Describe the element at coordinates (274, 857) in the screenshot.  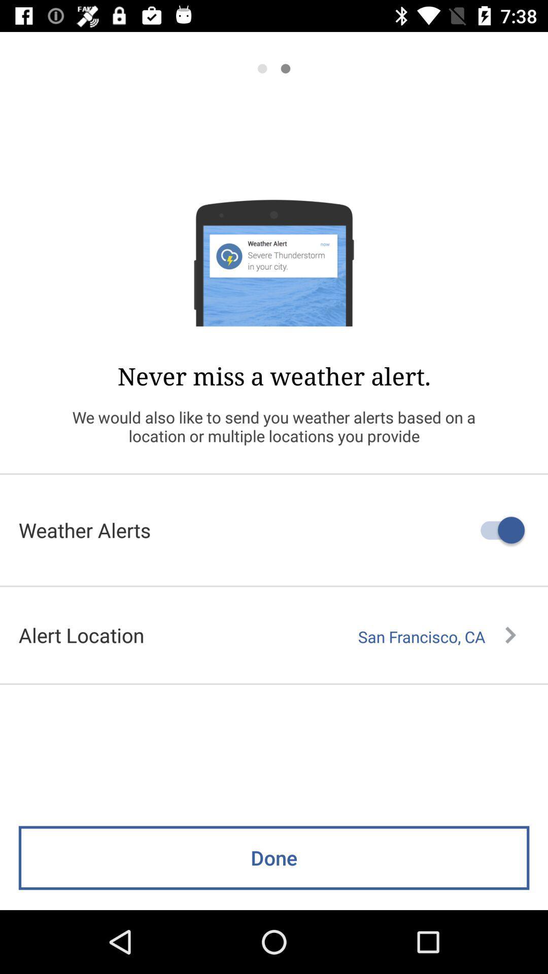
I see `the done icon` at that location.